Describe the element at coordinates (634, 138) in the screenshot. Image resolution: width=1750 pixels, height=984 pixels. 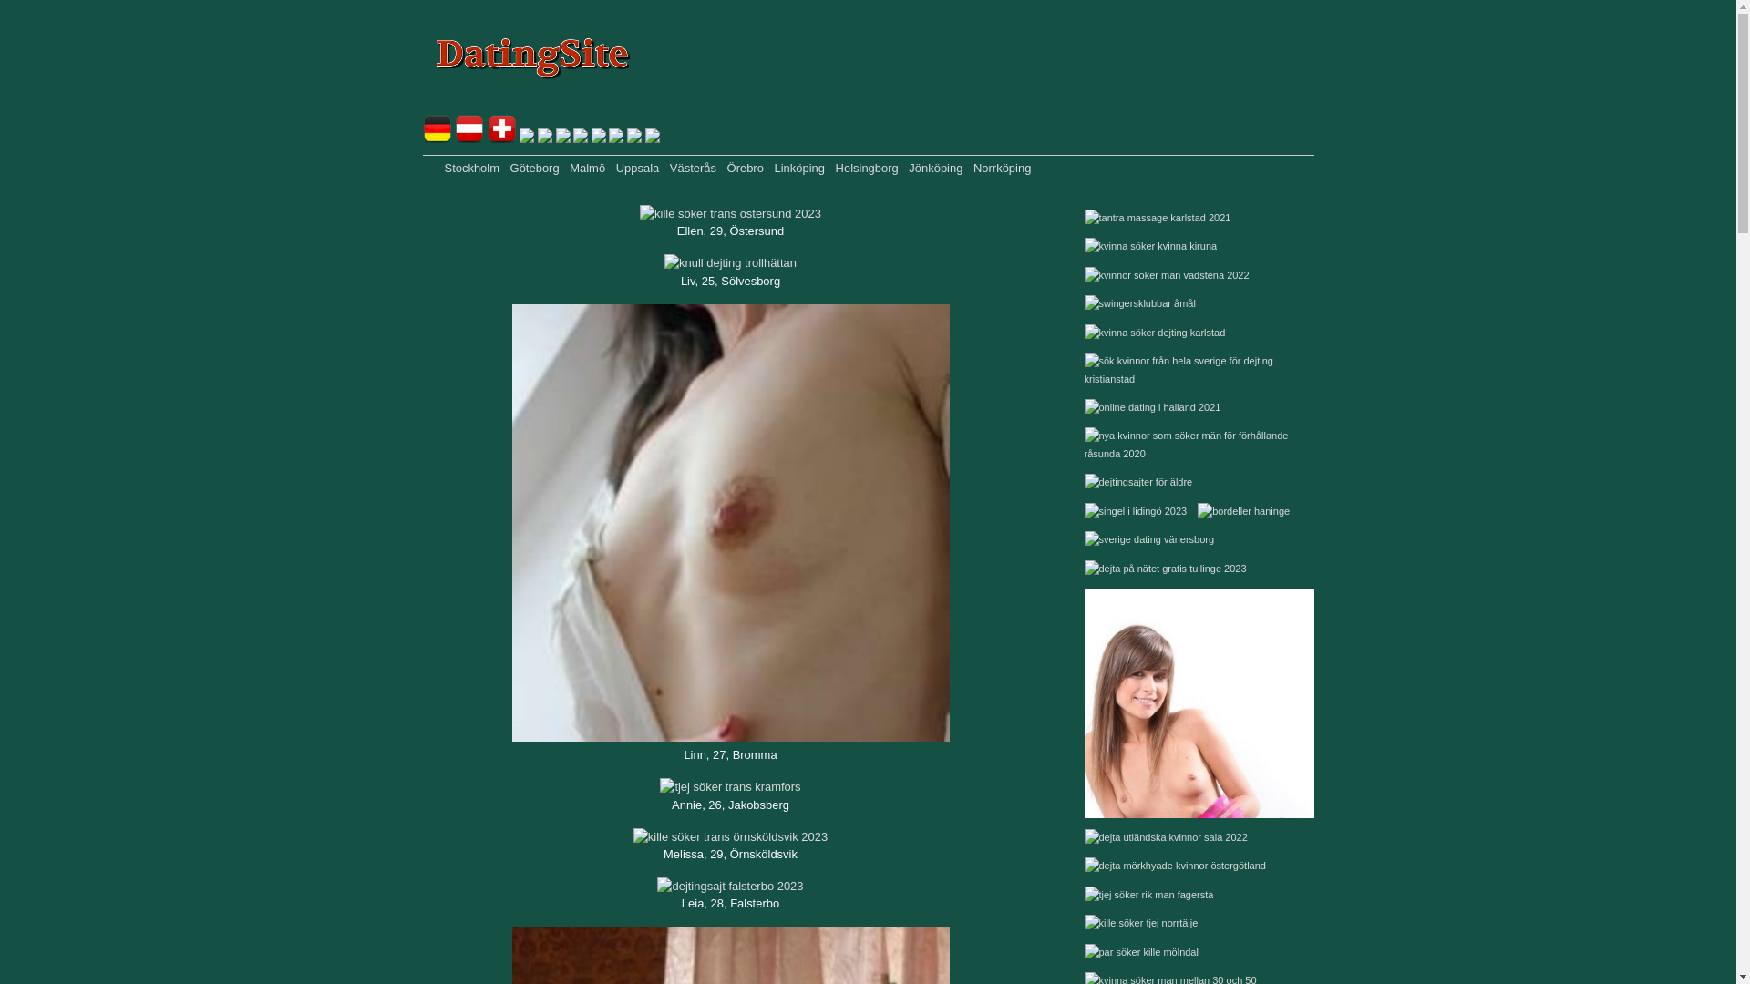
I see `'IT'` at that location.